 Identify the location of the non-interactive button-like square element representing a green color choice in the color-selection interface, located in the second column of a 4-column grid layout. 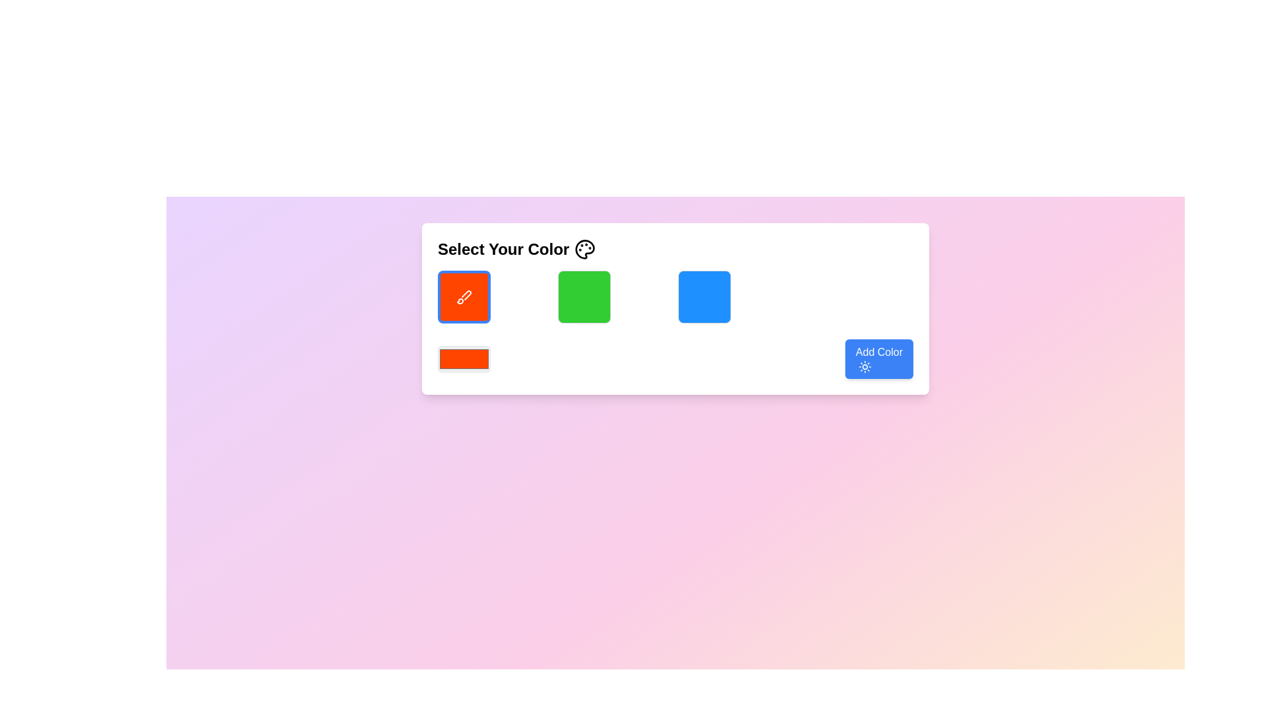
(583, 297).